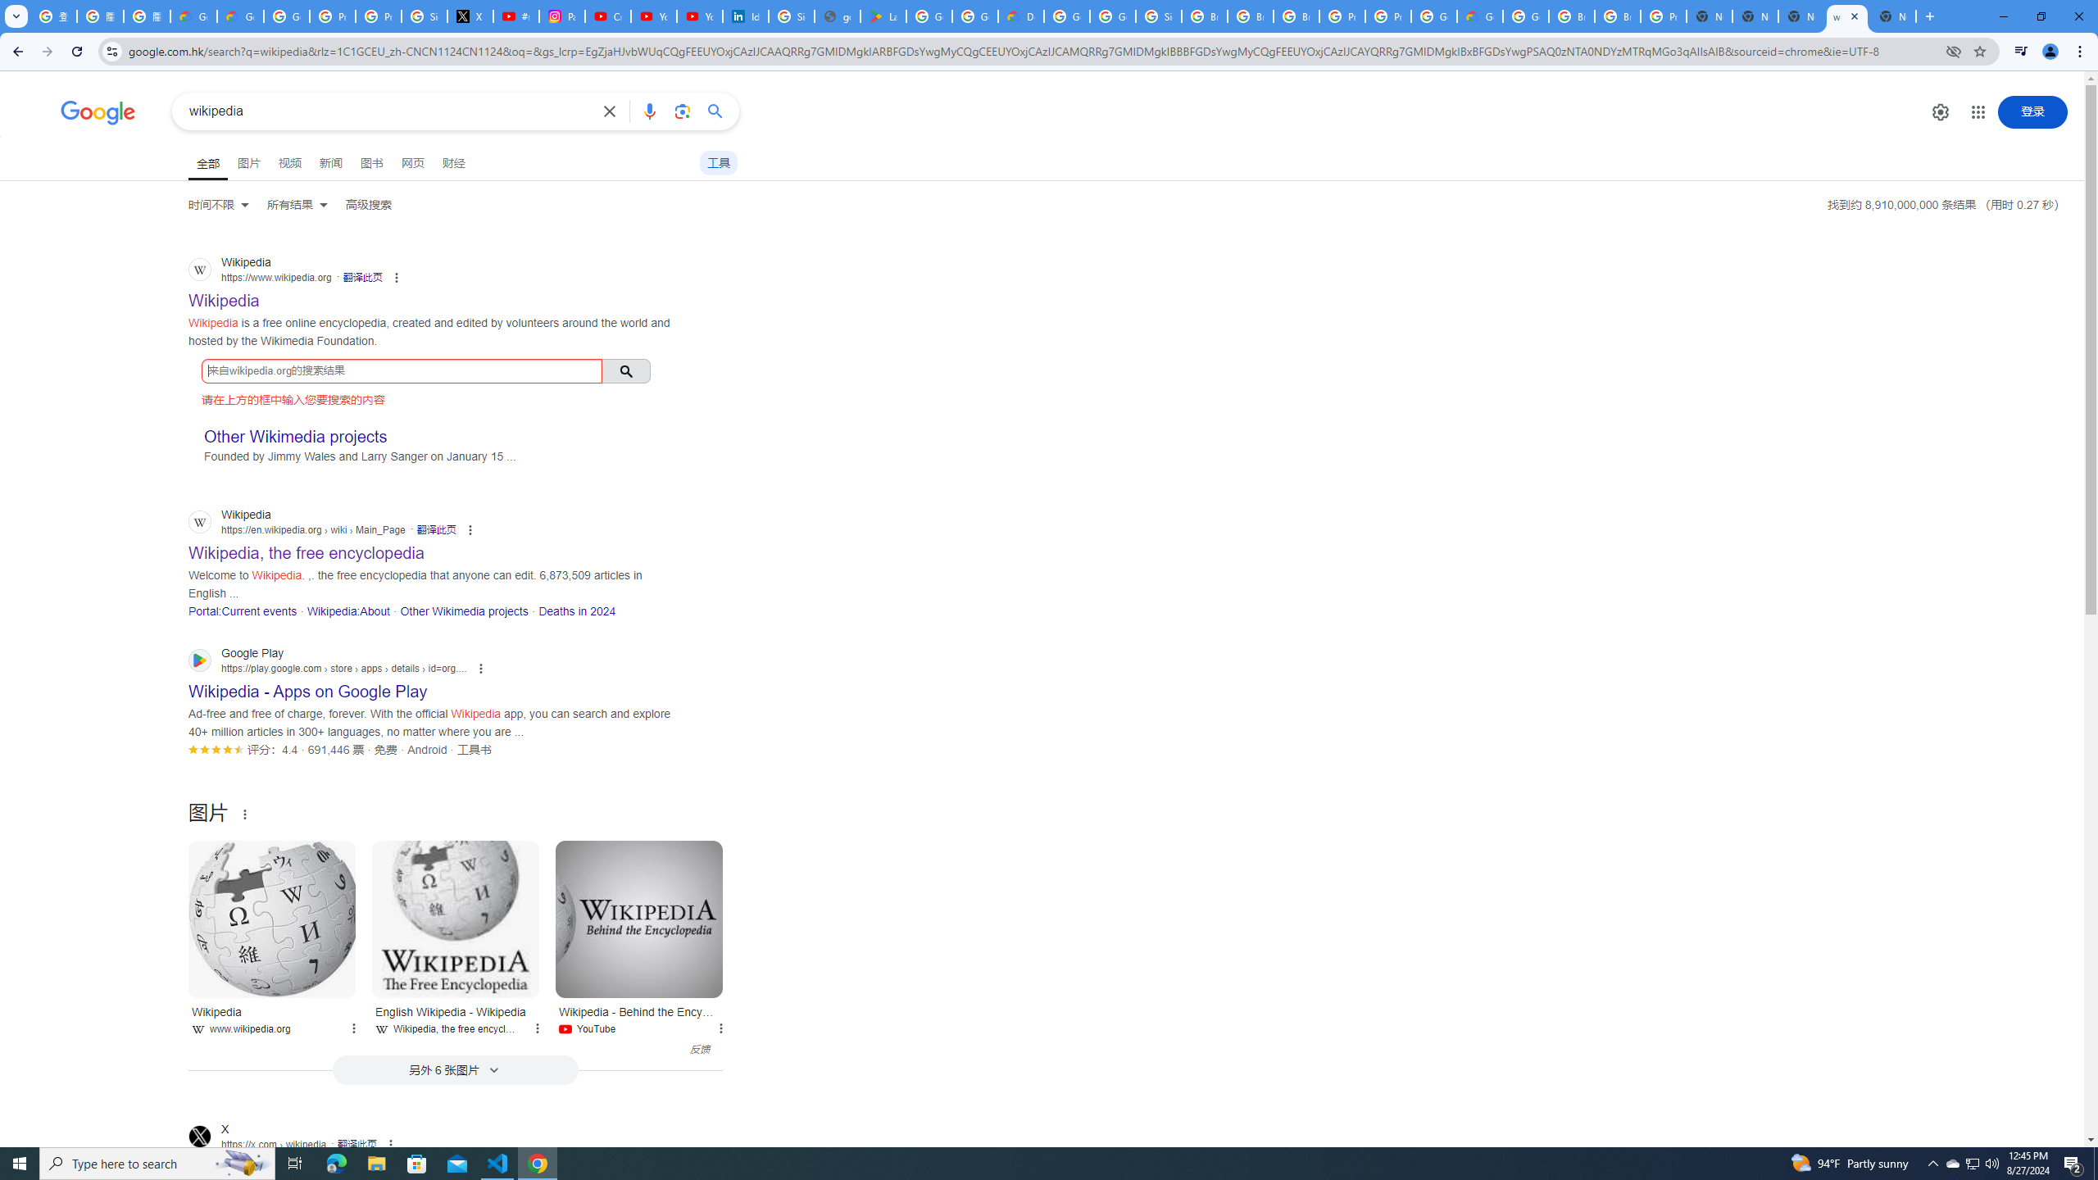  I want to click on 'Browse Chrome as a guest - Computer - Google Chrome Help', so click(1618, 16).